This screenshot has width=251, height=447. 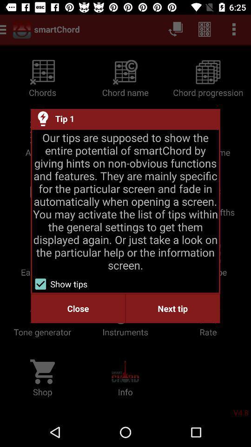 What do you see at coordinates (78, 308) in the screenshot?
I see `icon next to next tip` at bounding box center [78, 308].